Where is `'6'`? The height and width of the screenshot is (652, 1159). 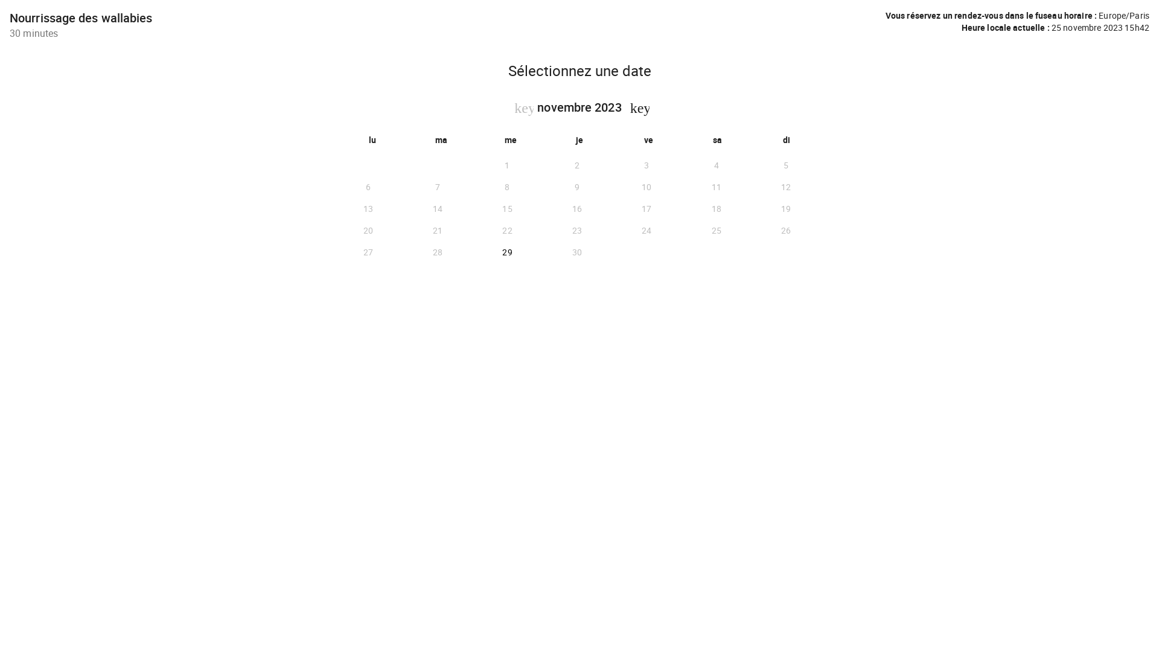 '6' is located at coordinates (367, 187).